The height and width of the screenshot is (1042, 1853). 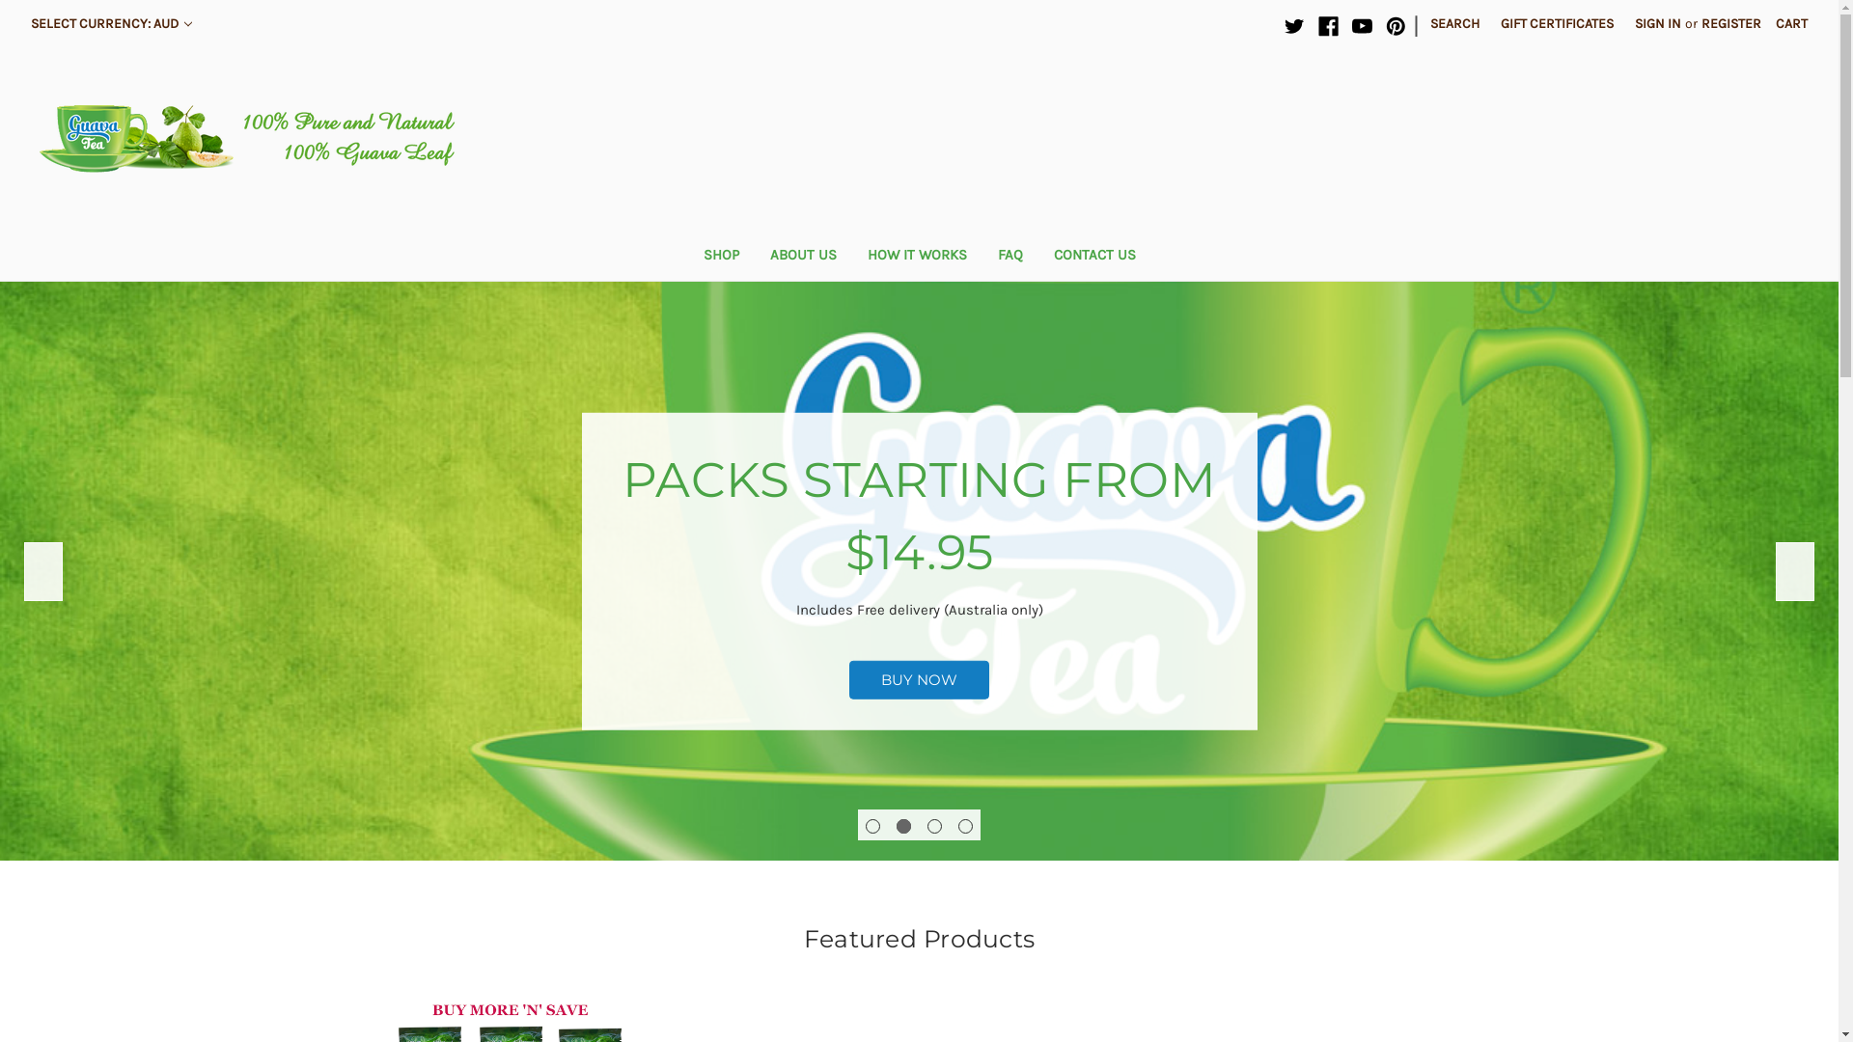 What do you see at coordinates (1764, 23) in the screenshot?
I see `'CART'` at bounding box center [1764, 23].